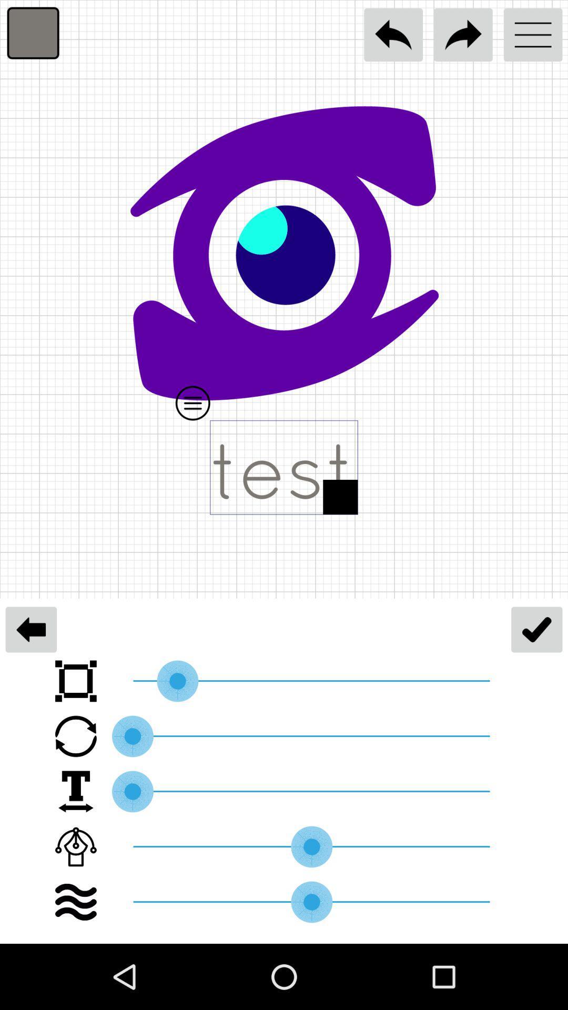 This screenshot has width=568, height=1010. I want to click on the arrow_backward icon, so click(31, 629).